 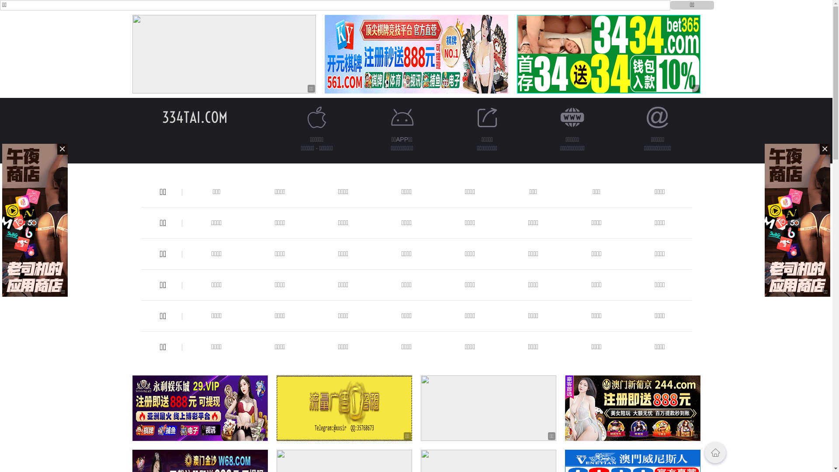 I want to click on '334TAI.COM', so click(x=161, y=117).